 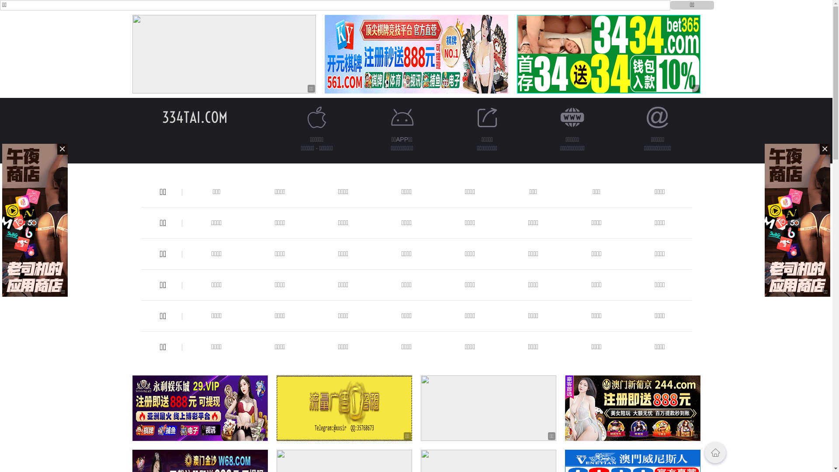 I want to click on '334TAI.COM', so click(x=161, y=117).